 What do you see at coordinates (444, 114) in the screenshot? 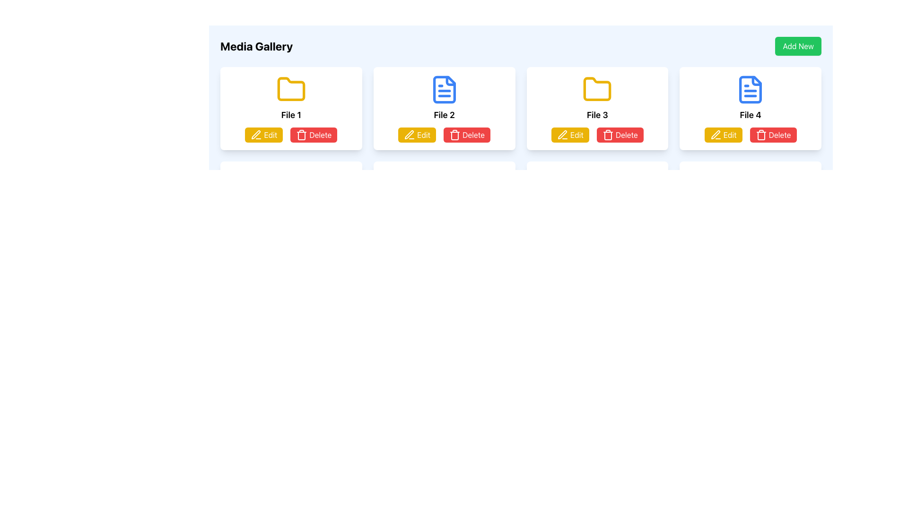
I see `the text label that identifies the associated file representation, located in the second box of the grid, below the blue document icon and above the 'Edit' and 'Delete' buttons` at bounding box center [444, 114].